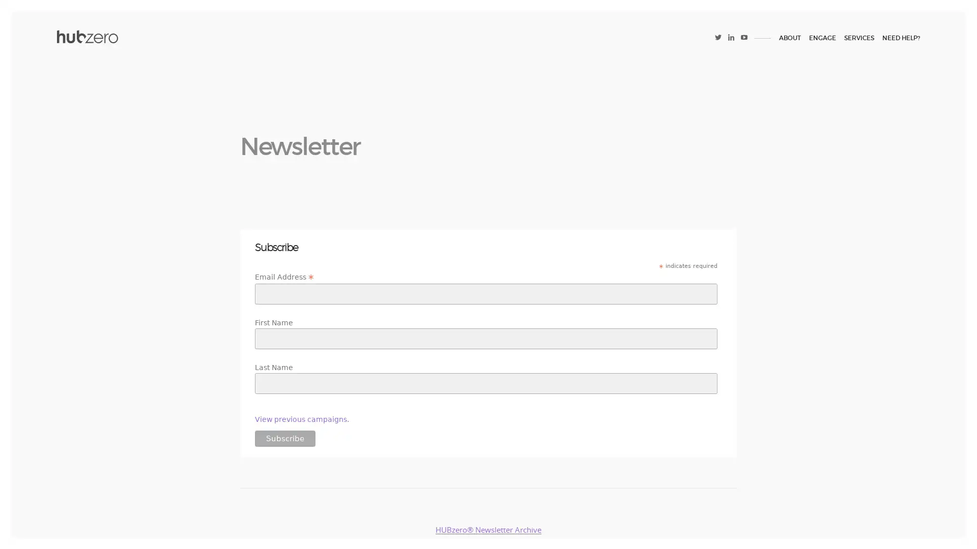 The width and height of the screenshot is (977, 549). Describe the element at coordinates (285, 438) in the screenshot. I see `Subscribe` at that location.